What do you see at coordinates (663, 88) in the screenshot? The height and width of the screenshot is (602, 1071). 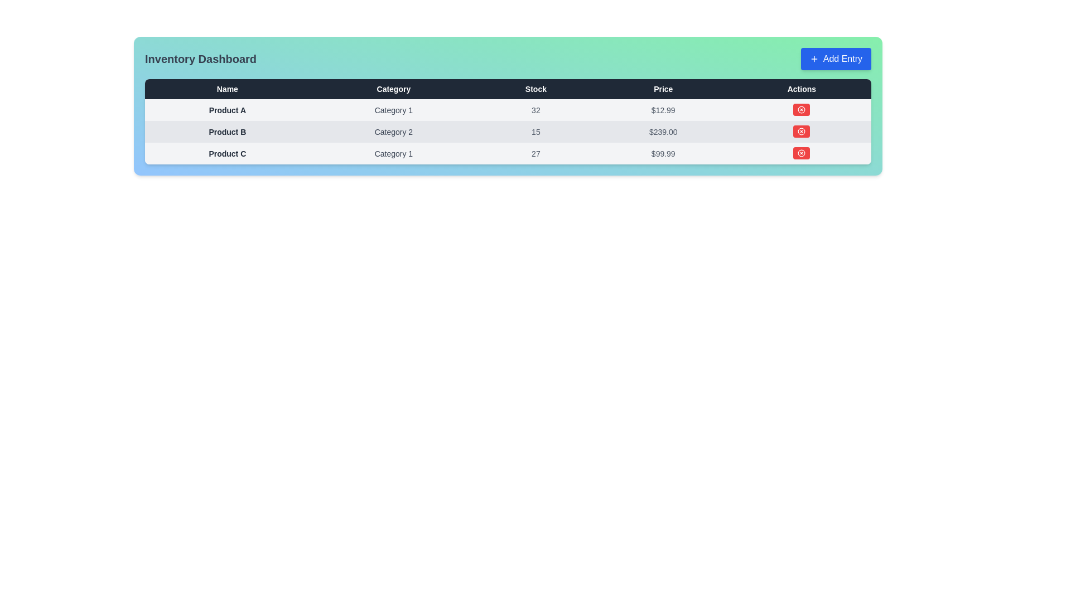 I see `the text content of the Table Header Cell labeled 'Price', which is the fourth header in a table, positioned between 'Stock' and 'Actions'` at bounding box center [663, 88].